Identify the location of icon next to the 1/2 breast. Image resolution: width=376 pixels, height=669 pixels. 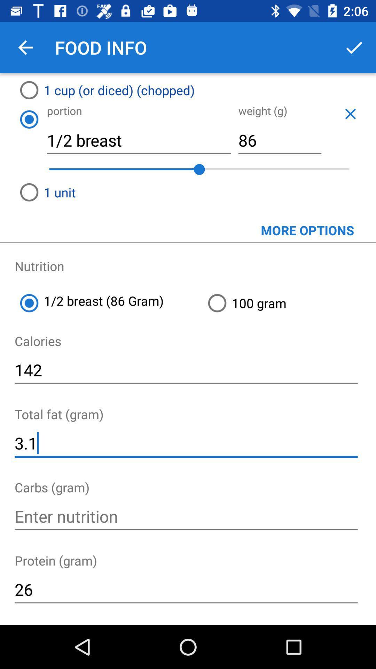
(29, 119).